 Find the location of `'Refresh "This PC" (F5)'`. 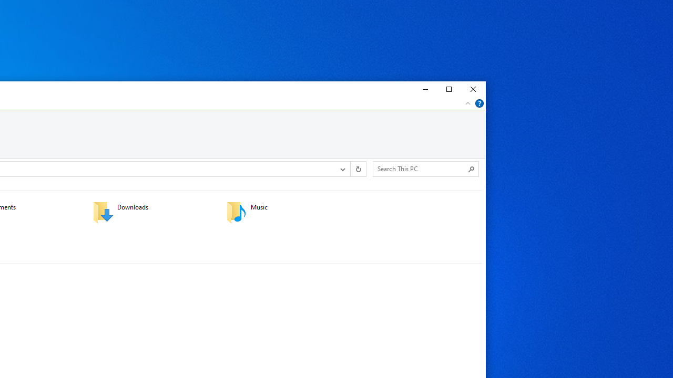

'Refresh "This PC" (F5)' is located at coordinates (358, 168).